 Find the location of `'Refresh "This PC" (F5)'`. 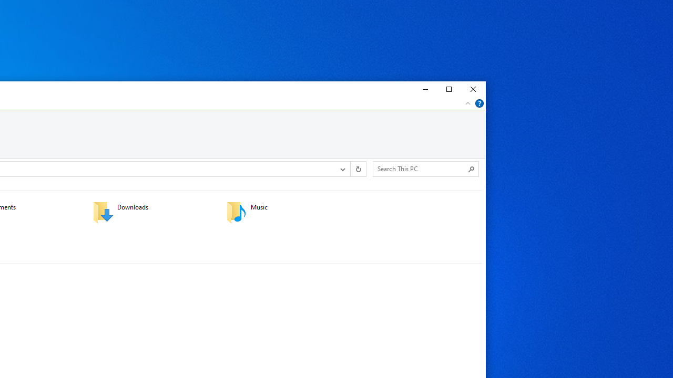

'Refresh "This PC" (F5)' is located at coordinates (358, 168).